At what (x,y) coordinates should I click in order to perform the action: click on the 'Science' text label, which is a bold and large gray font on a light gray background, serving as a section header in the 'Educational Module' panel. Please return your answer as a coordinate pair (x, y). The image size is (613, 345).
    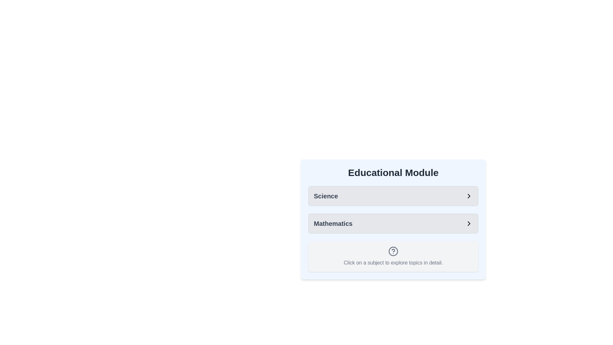
    Looking at the image, I should click on (326, 195).